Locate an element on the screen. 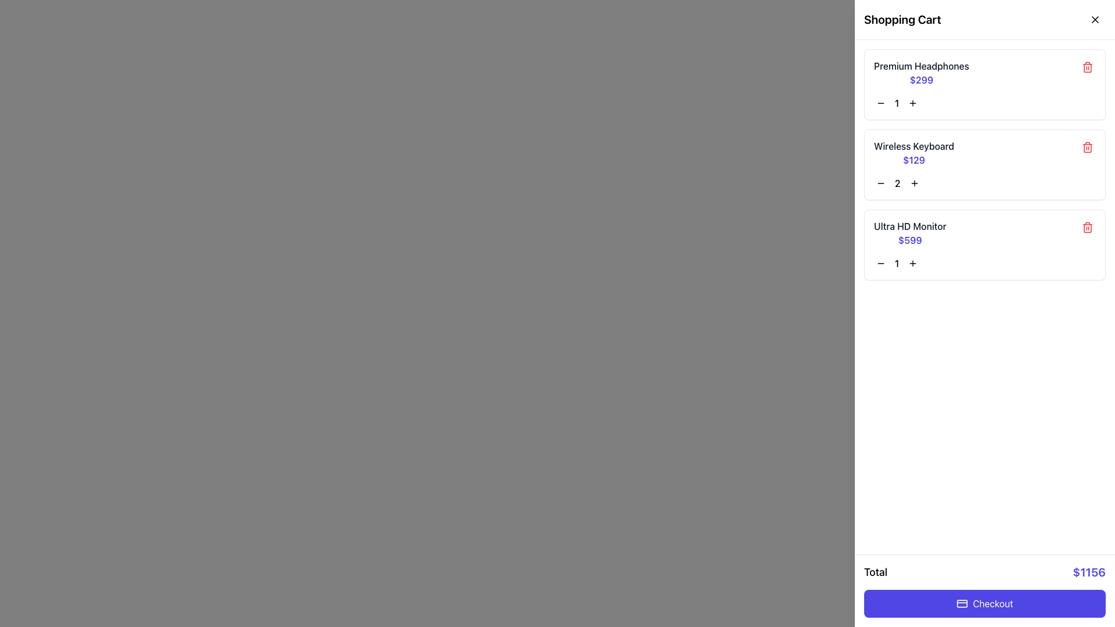  the 'increment quantity' icon located in the first product card of the shopping cart section is located at coordinates (912, 102).